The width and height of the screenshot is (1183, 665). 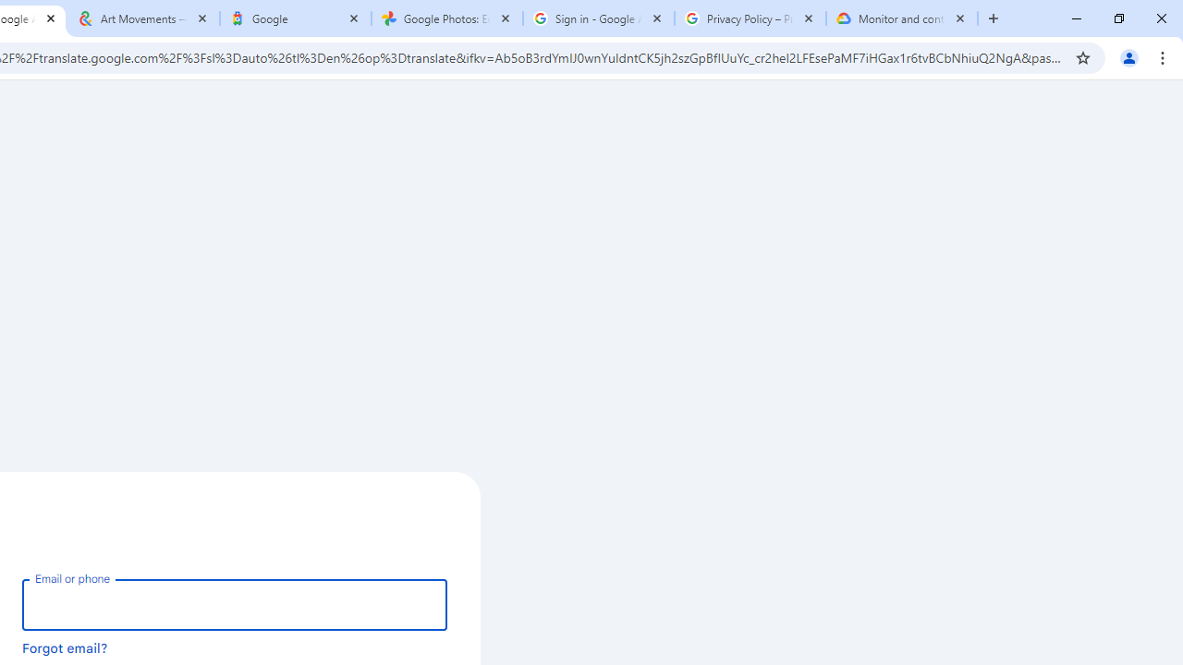 I want to click on 'Email or phone', so click(x=234, y=604).